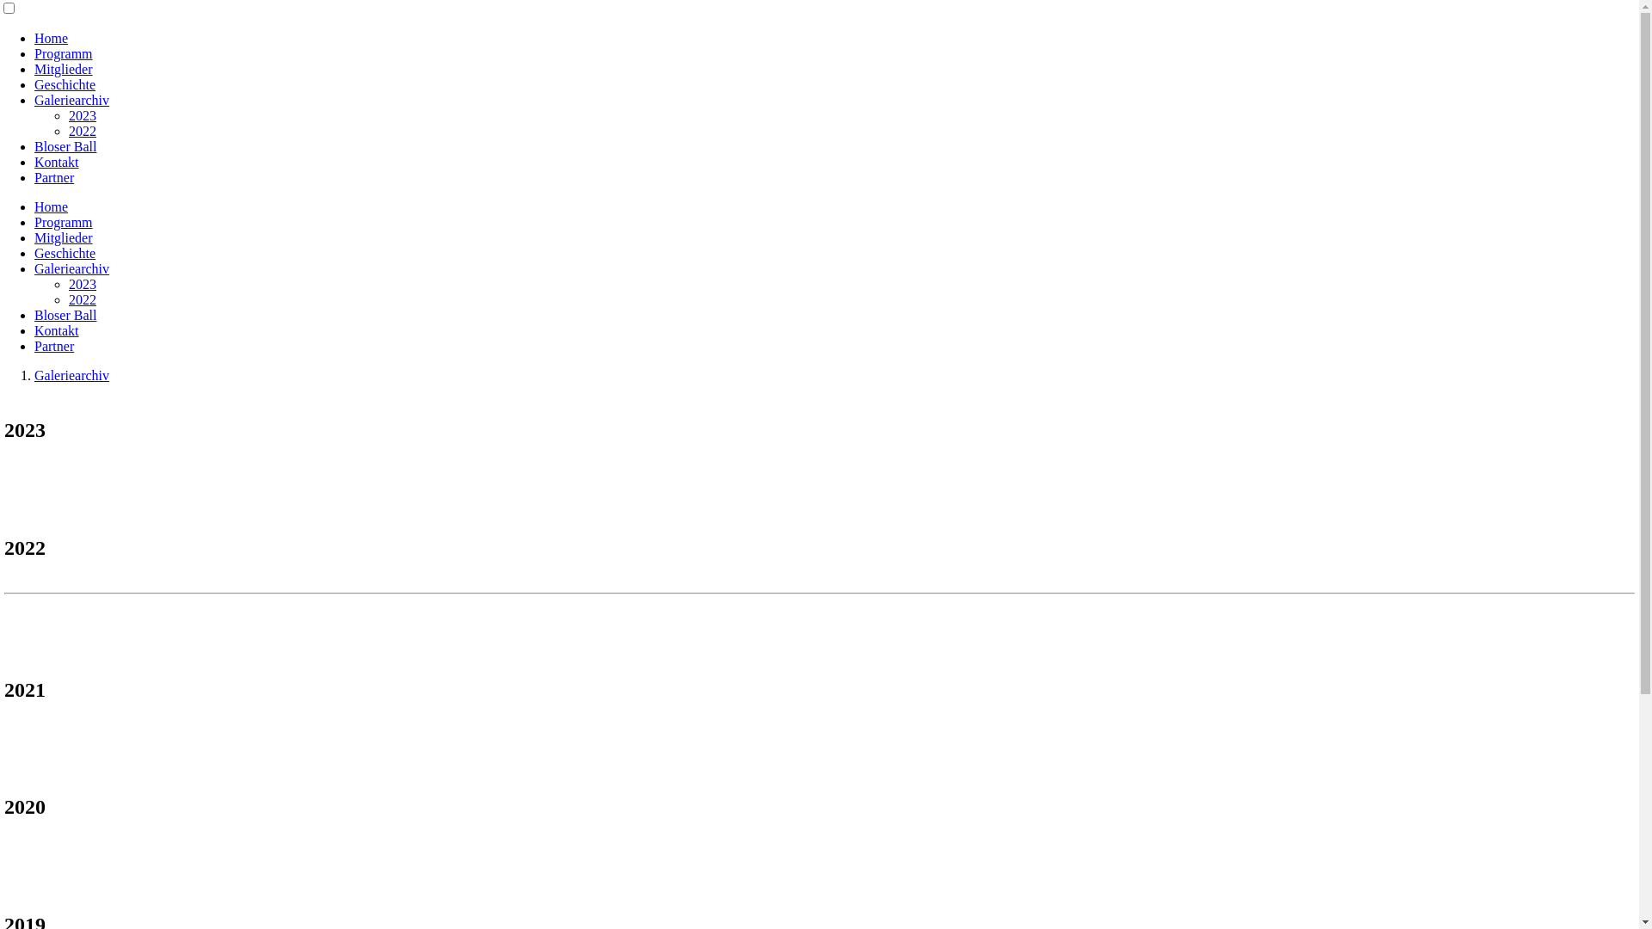 The image size is (1652, 929). Describe the element at coordinates (65, 253) in the screenshot. I see `'Geschichte'` at that location.